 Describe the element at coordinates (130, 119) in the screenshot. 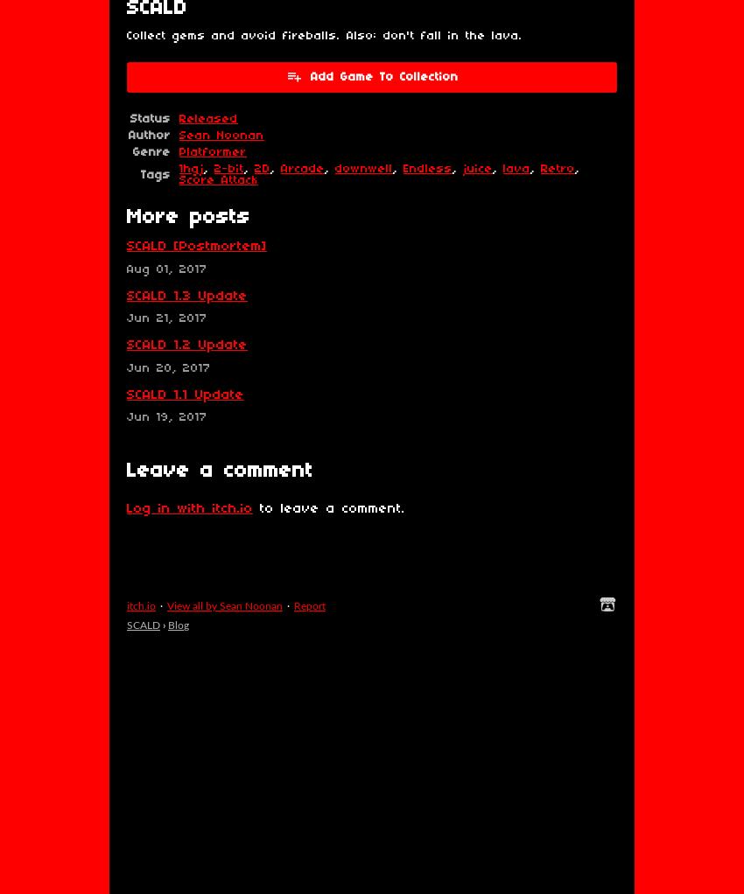

I see `'Status'` at that location.